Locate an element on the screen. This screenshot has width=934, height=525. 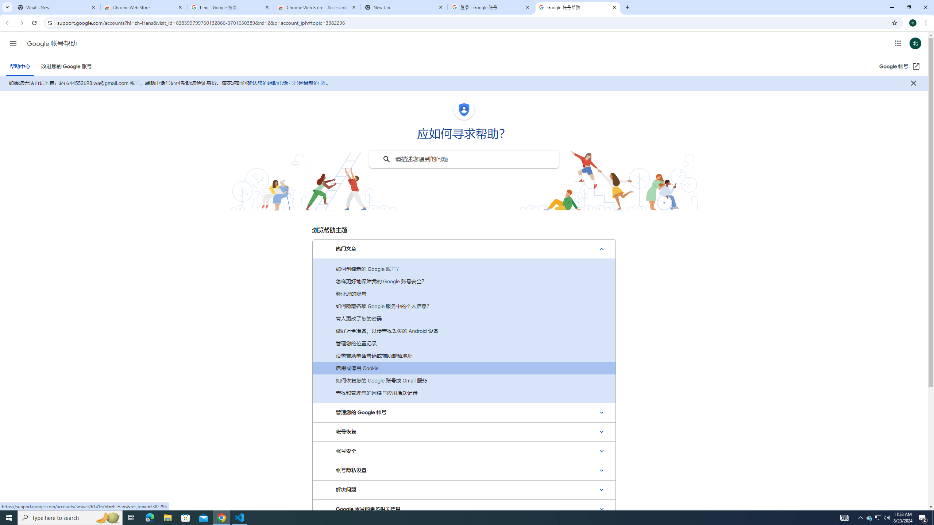
'Reload' is located at coordinates (34, 23).